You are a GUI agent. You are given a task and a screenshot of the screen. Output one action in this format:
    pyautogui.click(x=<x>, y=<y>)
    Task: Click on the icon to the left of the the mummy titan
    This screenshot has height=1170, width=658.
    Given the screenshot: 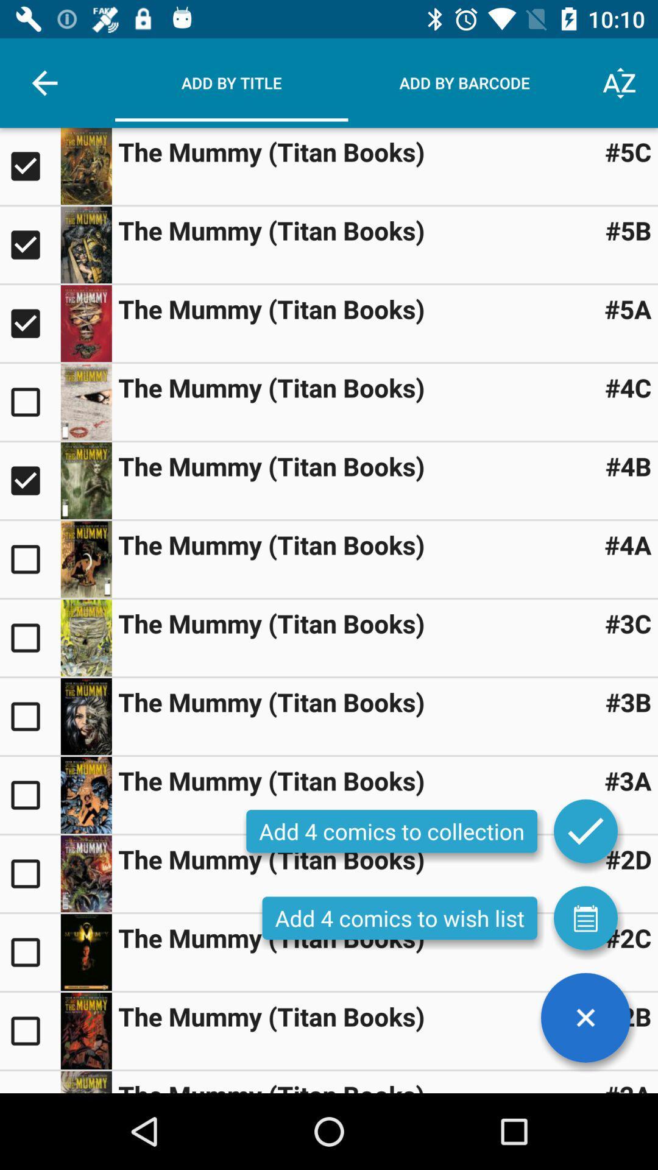 What is the action you would take?
    pyautogui.click(x=44, y=82)
    